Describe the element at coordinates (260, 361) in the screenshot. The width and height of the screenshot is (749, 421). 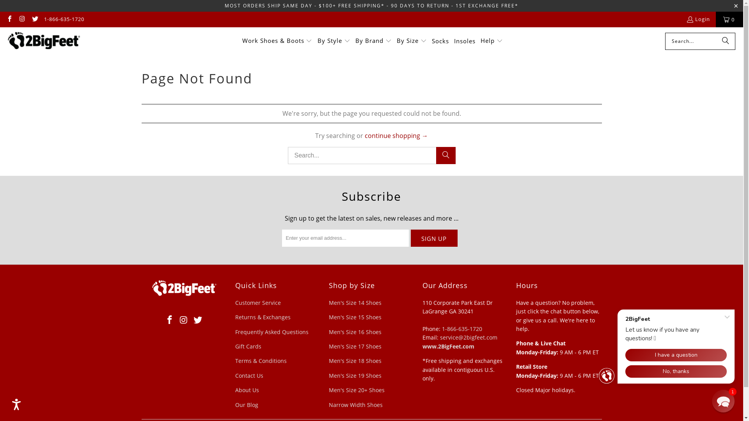
I see `'Terms & Conditions'` at that location.